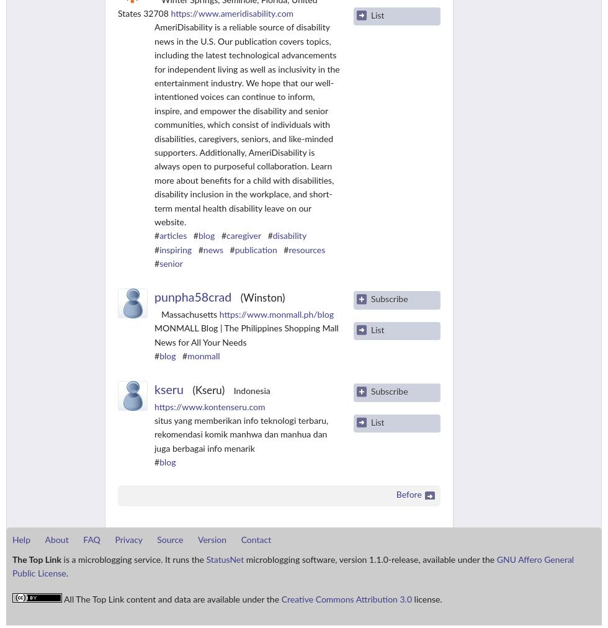  I want to click on 'license.', so click(426, 599).